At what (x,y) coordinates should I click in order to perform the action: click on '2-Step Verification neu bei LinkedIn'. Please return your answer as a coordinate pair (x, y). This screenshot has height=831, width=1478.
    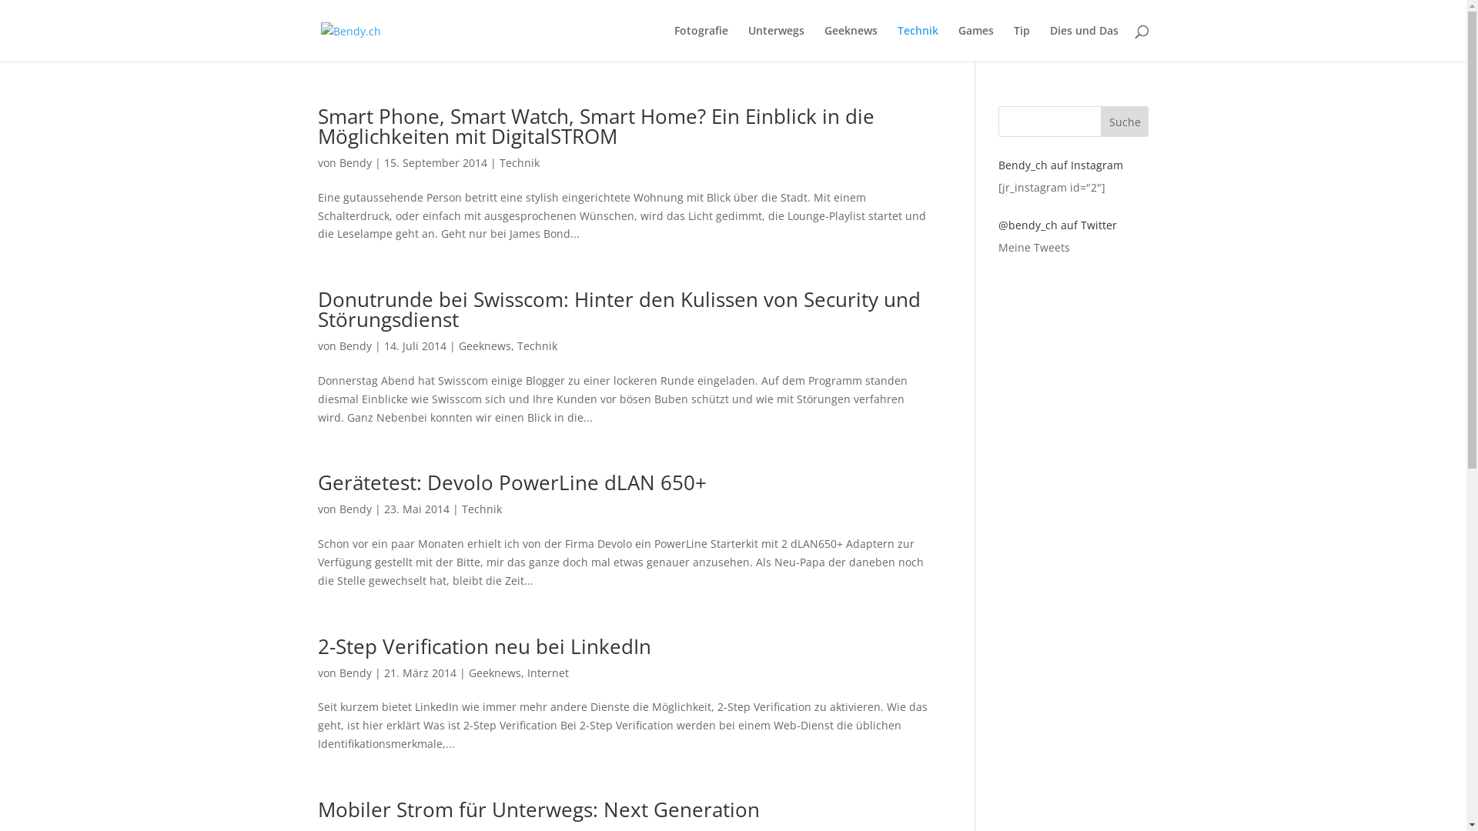
    Looking at the image, I should click on (483, 646).